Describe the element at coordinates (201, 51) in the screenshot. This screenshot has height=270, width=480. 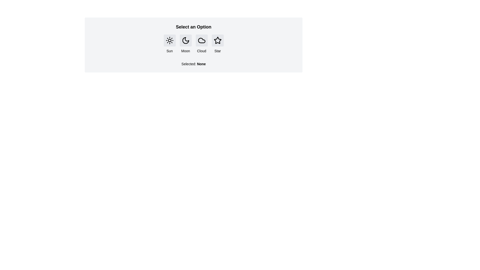
I see `text label displaying 'Cloud', which is positioned below the cloud icon and is the second option among four (Sun, Moon, Cloud, Star)` at that location.